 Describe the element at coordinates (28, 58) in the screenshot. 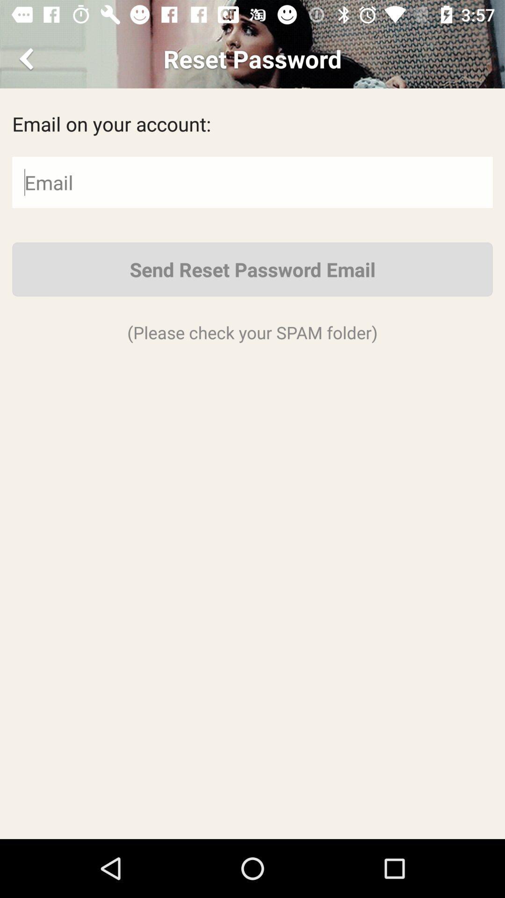

I see `back option` at that location.